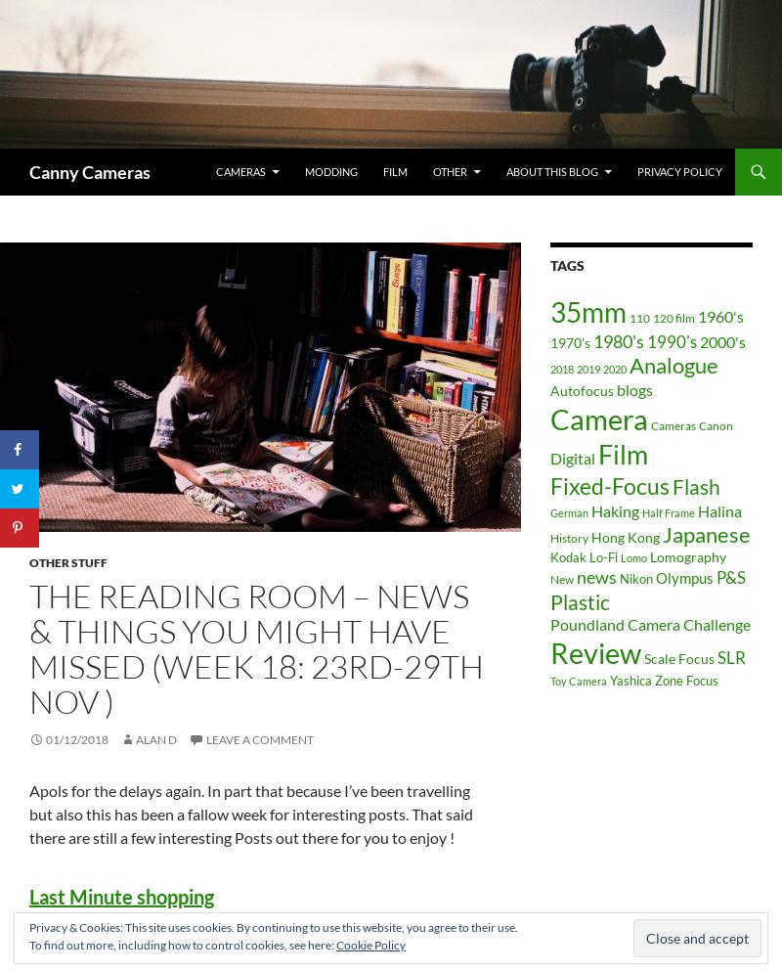 The image size is (782, 971). What do you see at coordinates (685, 679) in the screenshot?
I see `'Zone Focus'` at bounding box center [685, 679].